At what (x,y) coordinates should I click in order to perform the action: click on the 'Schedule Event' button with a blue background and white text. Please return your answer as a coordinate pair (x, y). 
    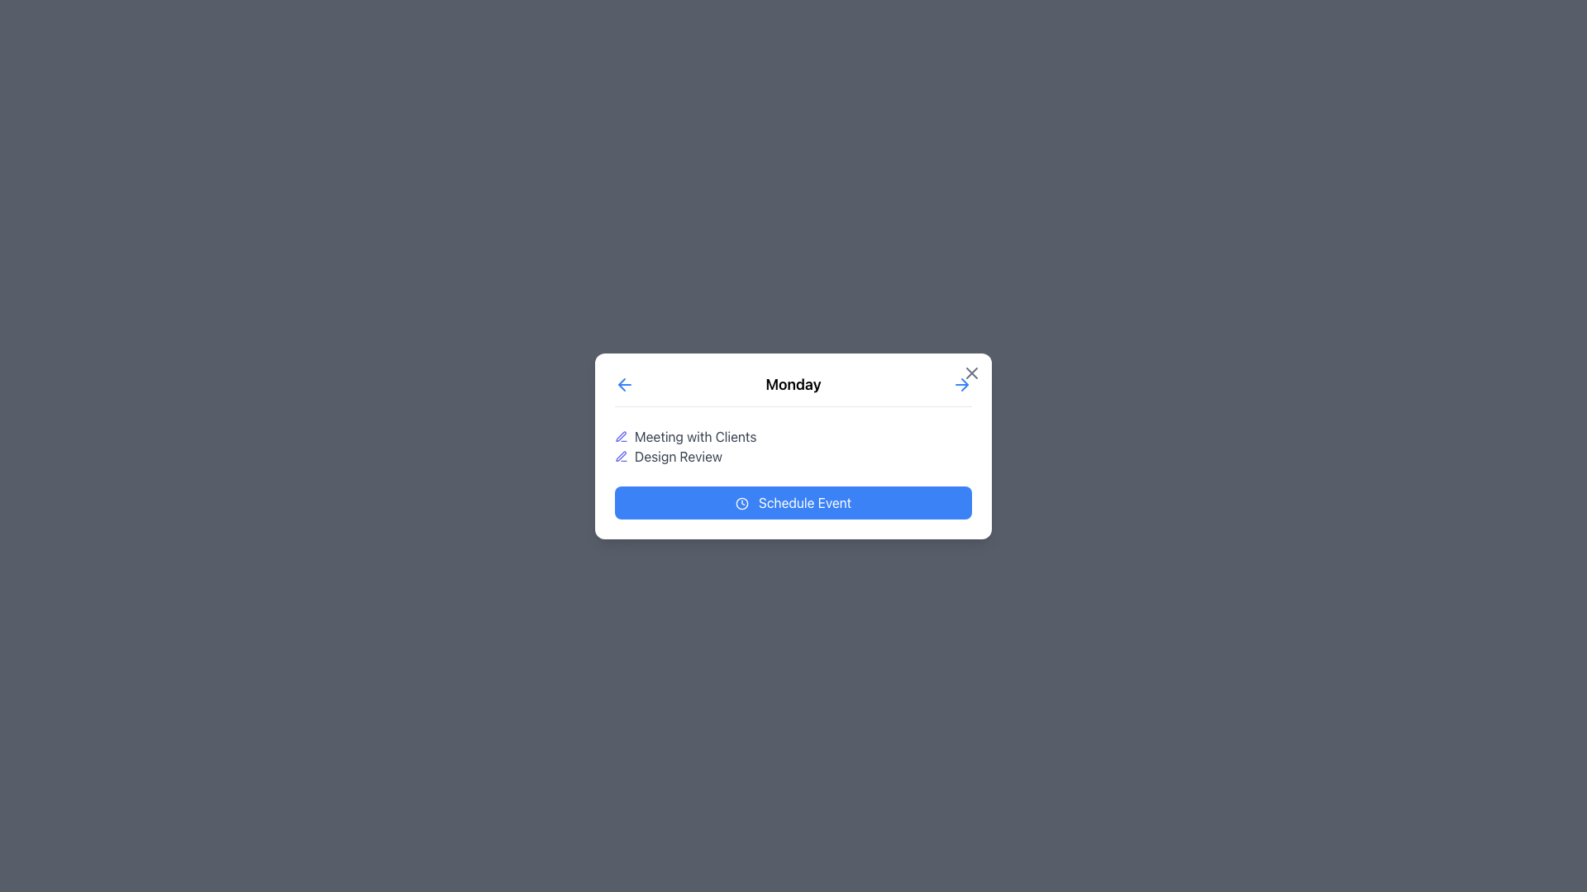
    Looking at the image, I should click on (793, 501).